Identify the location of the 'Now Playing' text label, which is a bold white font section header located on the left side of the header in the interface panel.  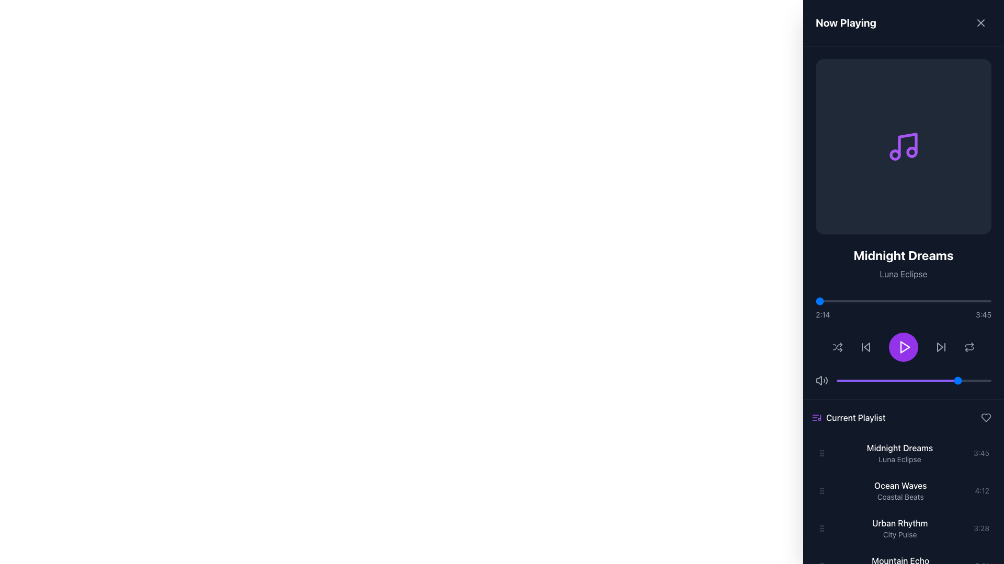
(846, 22).